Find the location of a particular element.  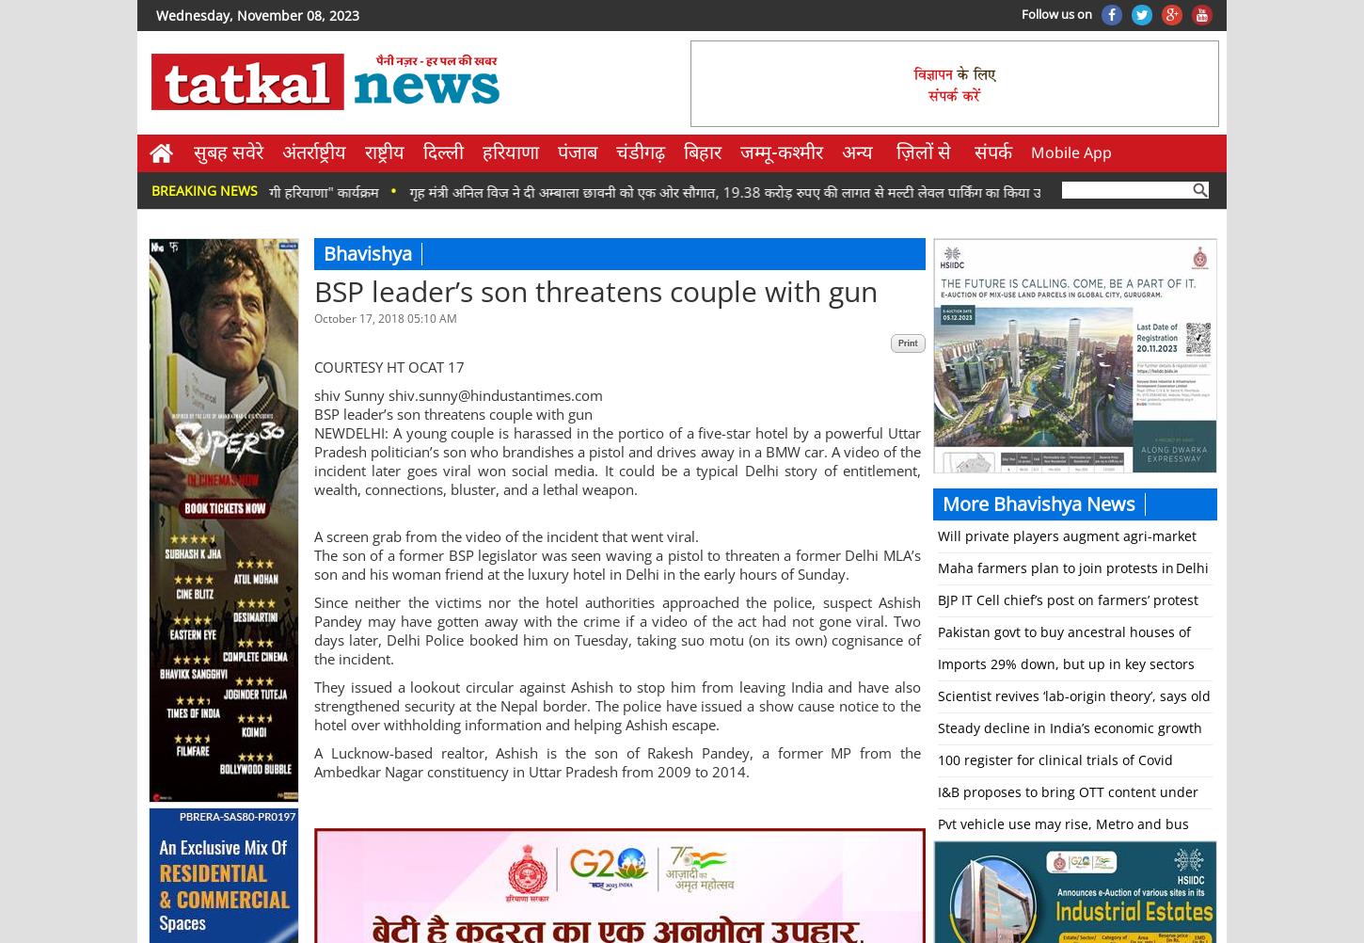

'Since neither the victims nor the hotel authorities approached the police, suspect Ashish Pandey may have gotten away with the crime if a video of the act had not gone viral. Two days later, Delhi Police booked him on Tuesday, taking suo motu (on its own) cognisance of the incident.' is located at coordinates (313, 631).